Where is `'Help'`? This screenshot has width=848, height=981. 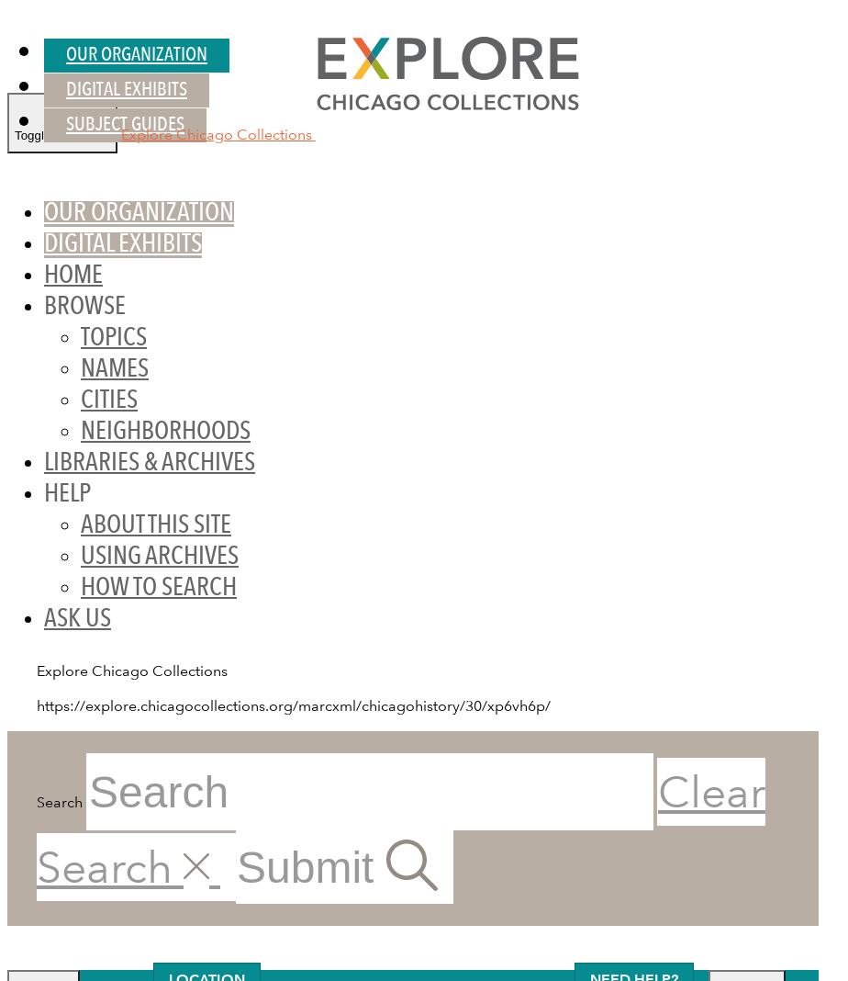 'Help' is located at coordinates (67, 494).